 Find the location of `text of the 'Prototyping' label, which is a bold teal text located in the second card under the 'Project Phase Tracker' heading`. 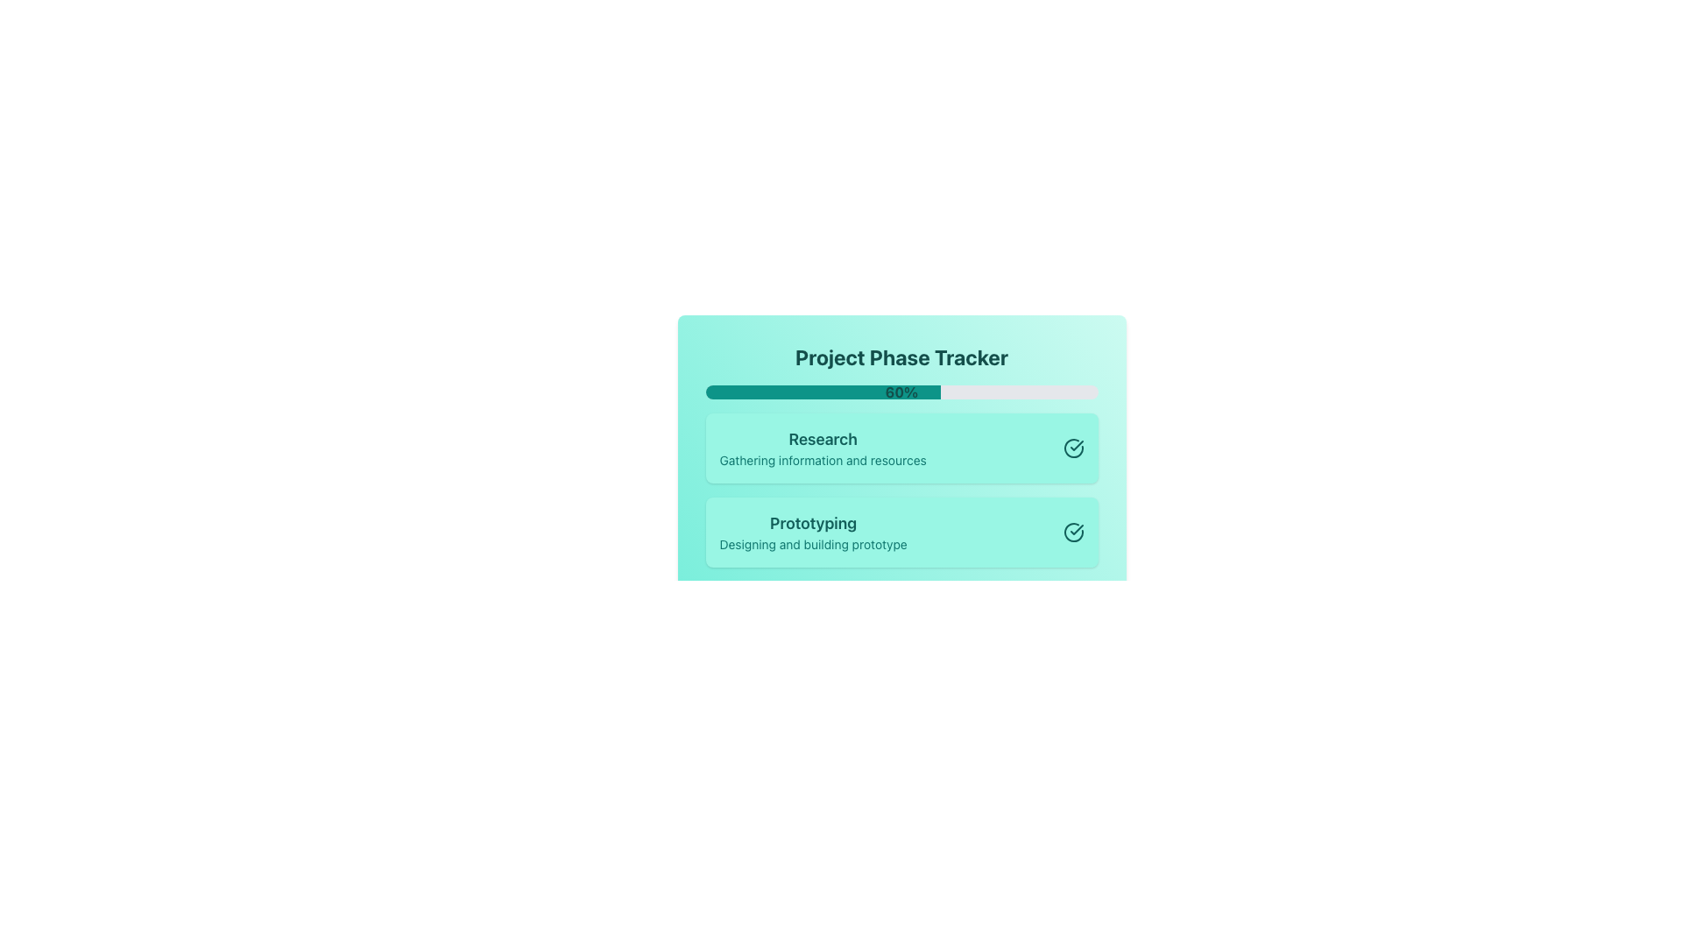

text of the 'Prototyping' label, which is a bold teal text located in the second card under the 'Project Phase Tracker' heading is located at coordinates (812, 522).